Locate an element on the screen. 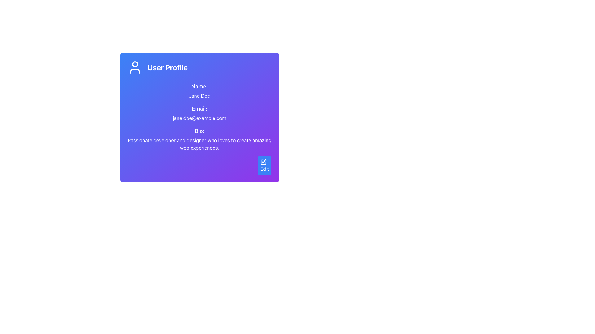  the static text displaying the user's email address, located below the 'Email:' label in the user profile card is located at coordinates (199, 118).